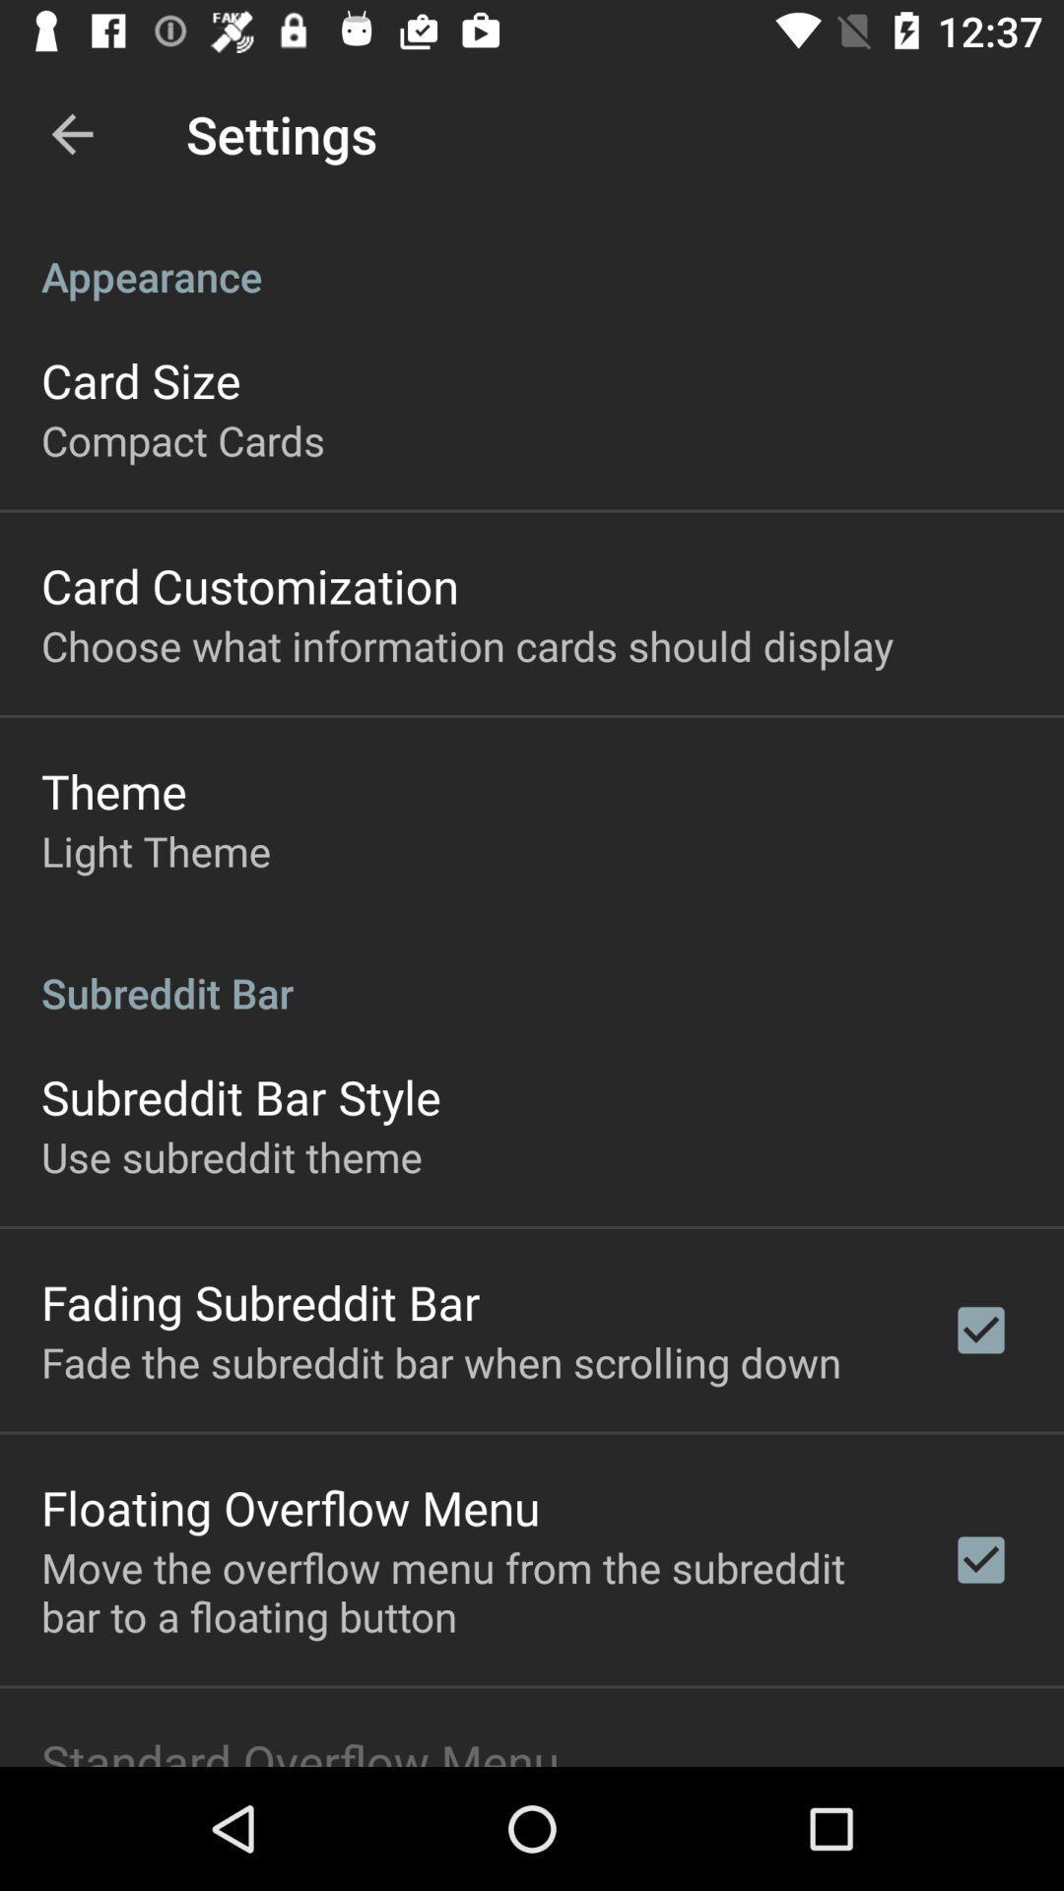 This screenshot has width=1064, height=1891. I want to click on the icon below theme item, so click(155, 851).